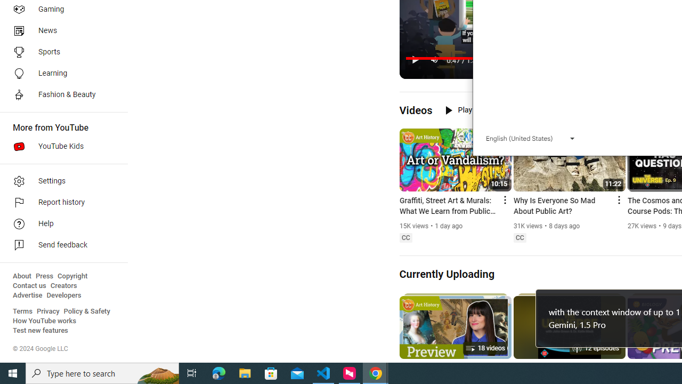 This screenshot has width=682, height=384. Describe the element at coordinates (44, 321) in the screenshot. I see `'How YouTube works'` at that location.